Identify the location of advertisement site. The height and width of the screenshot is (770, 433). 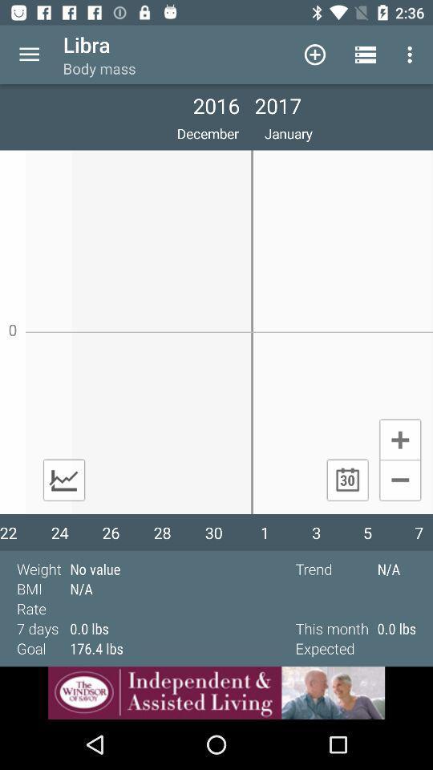
(216, 692).